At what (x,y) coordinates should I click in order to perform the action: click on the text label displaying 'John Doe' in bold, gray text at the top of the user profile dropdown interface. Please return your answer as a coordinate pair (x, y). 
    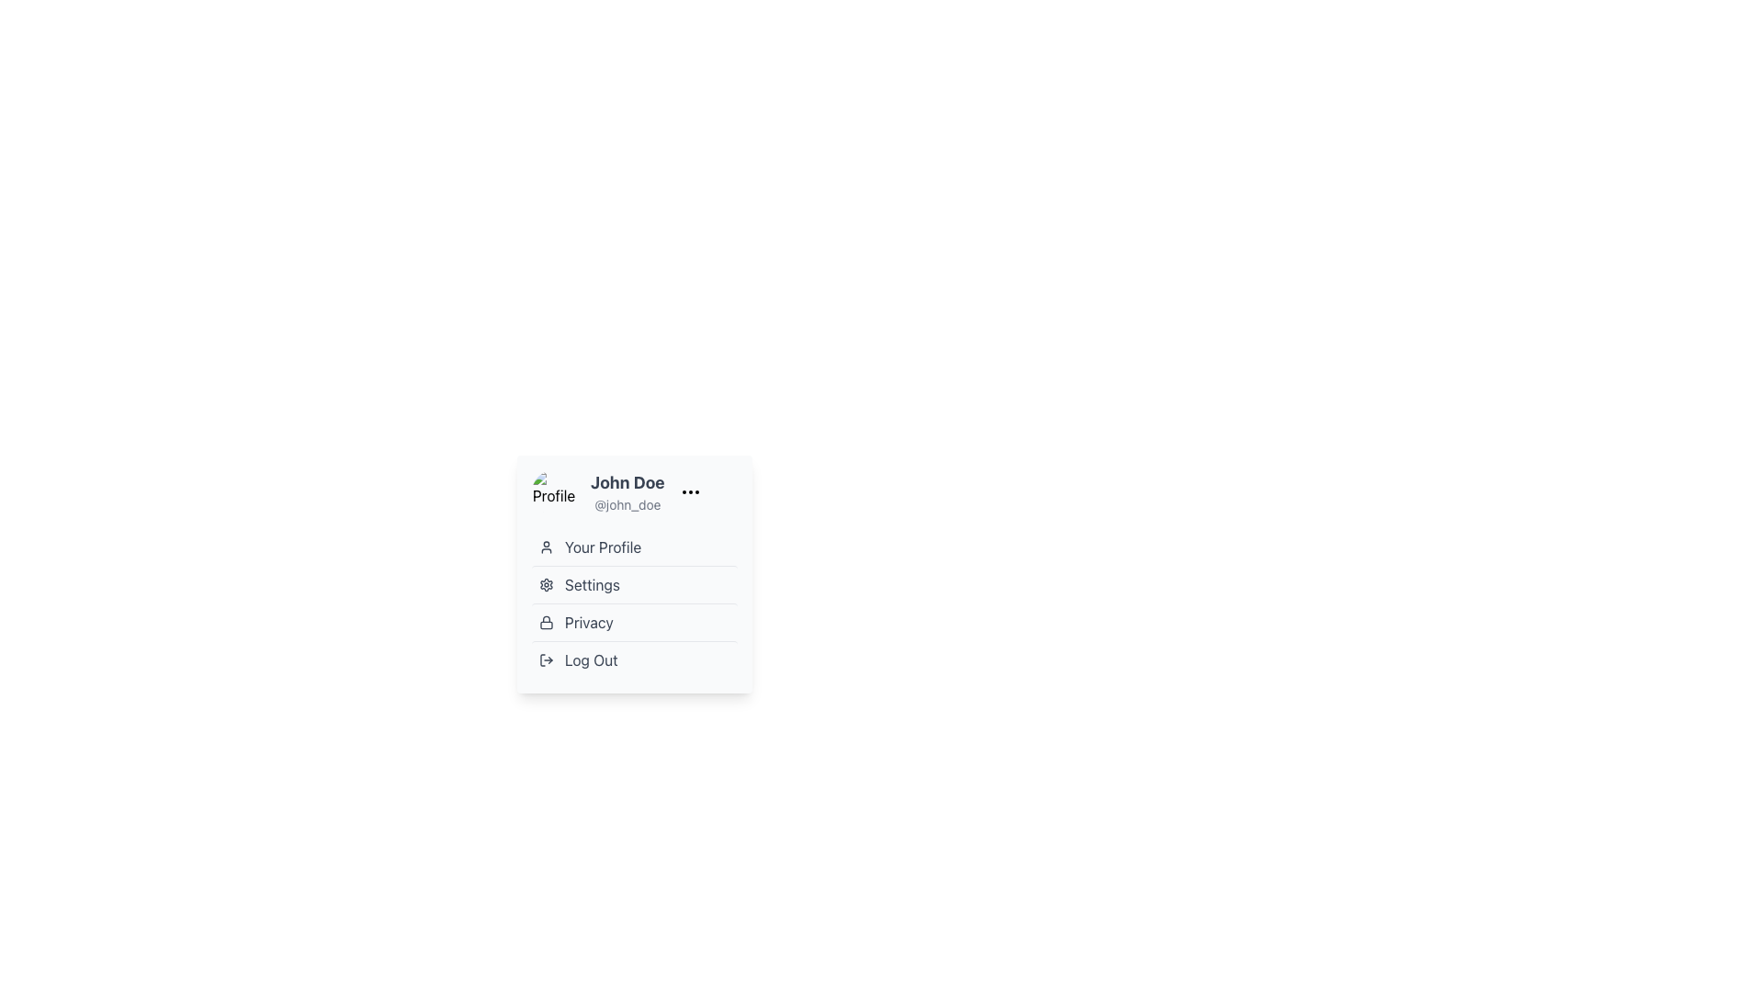
    Looking at the image, I should click on (628, 481).